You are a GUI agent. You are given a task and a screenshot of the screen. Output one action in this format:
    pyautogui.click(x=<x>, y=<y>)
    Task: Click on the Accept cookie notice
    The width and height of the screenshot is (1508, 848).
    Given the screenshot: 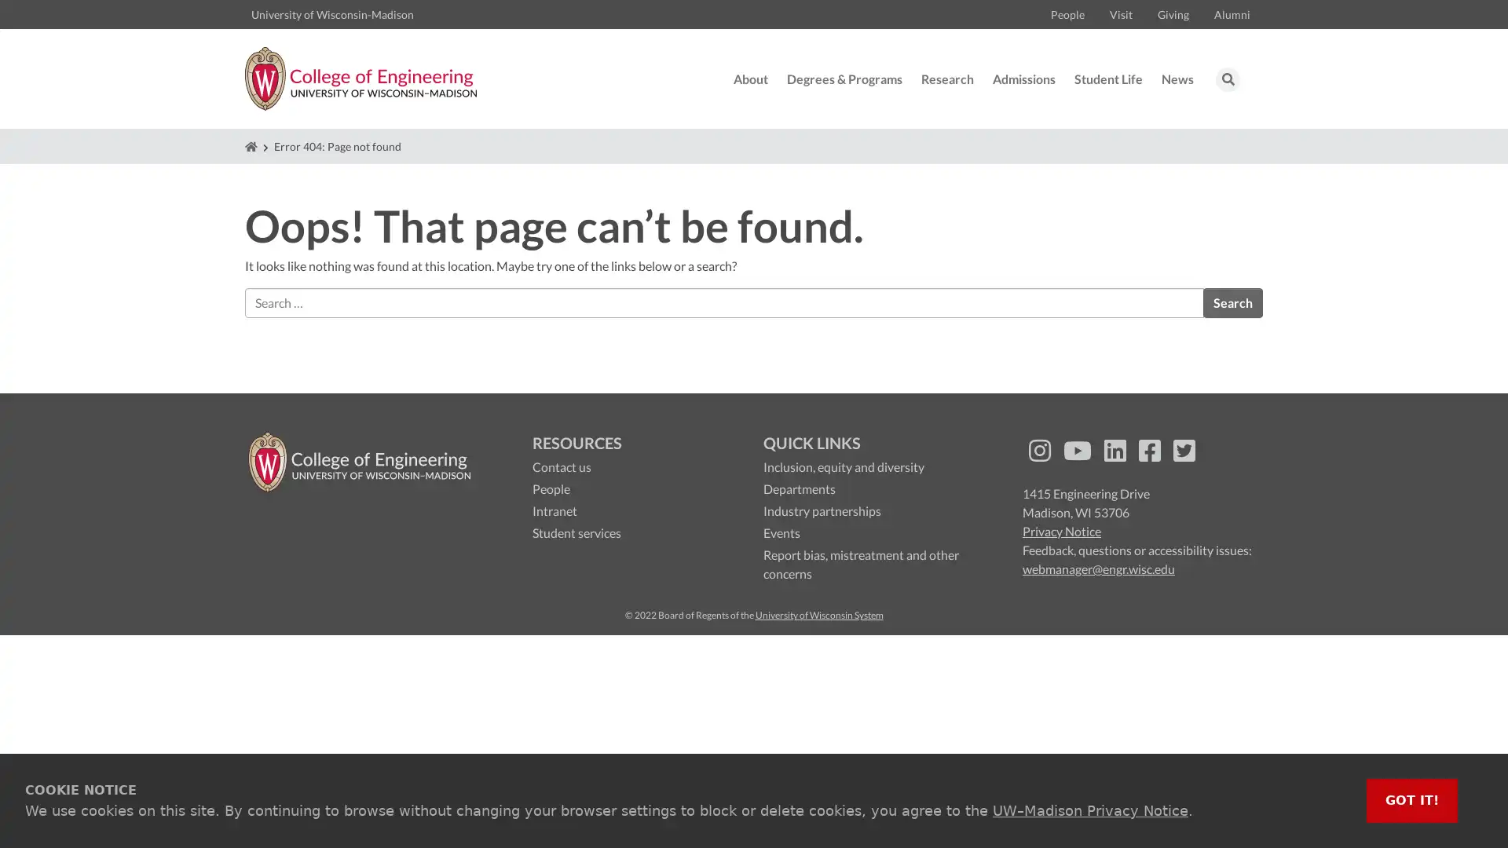 What is the action you would take?
    pyautogui.click(x=1412, y=800)
    